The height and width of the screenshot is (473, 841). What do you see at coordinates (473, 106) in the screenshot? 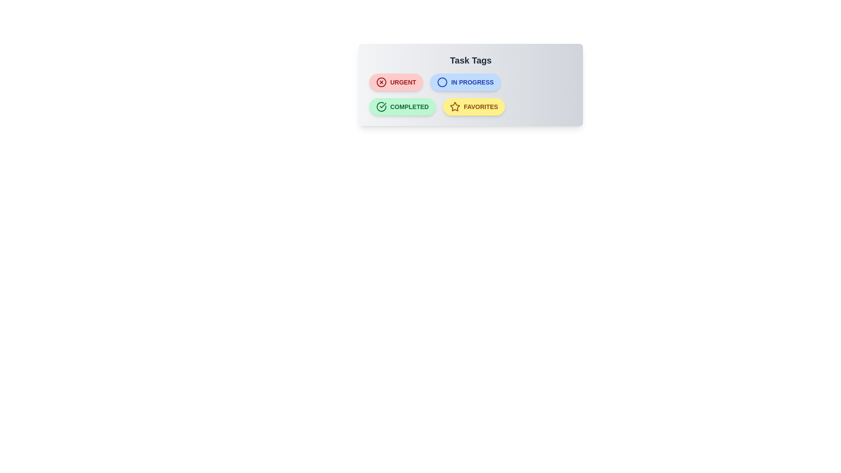
I see `the tag Favorites` at bounding box center [473, 106].